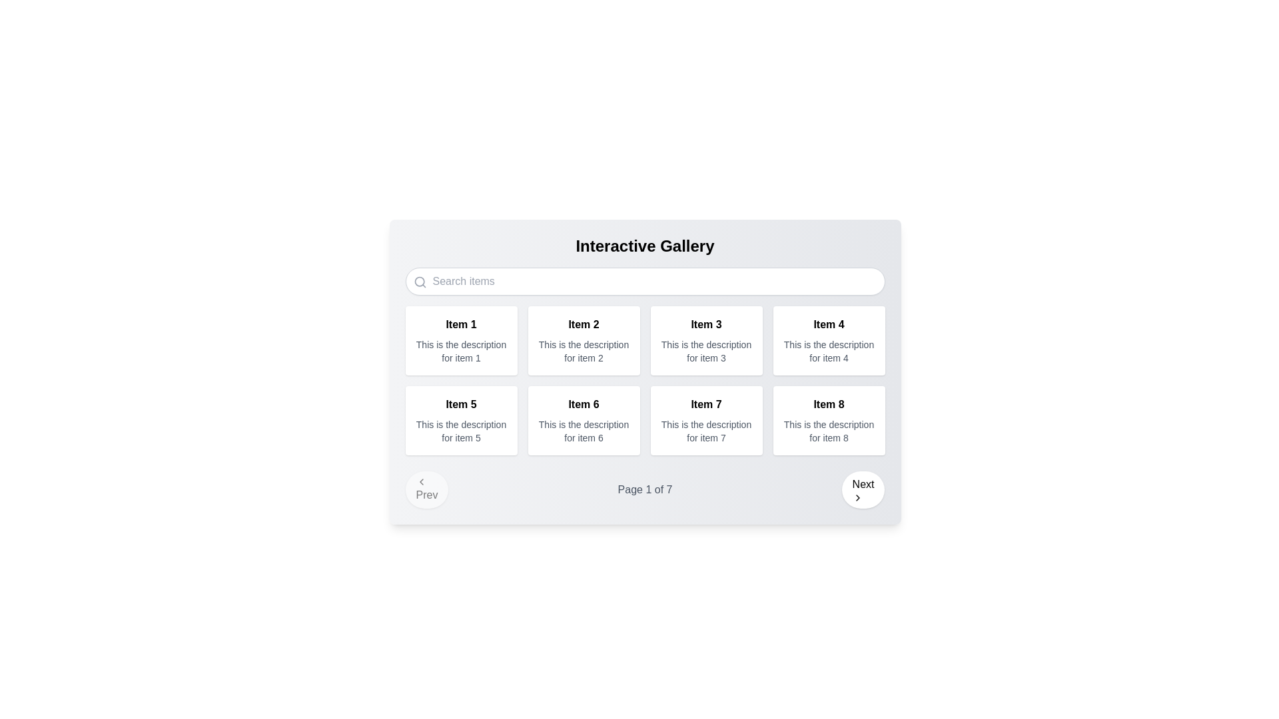  I want to click on the navigation button located at the bottom-right corner of the interface, which allows the user to navigate to the next page of items, so click(863, 490).